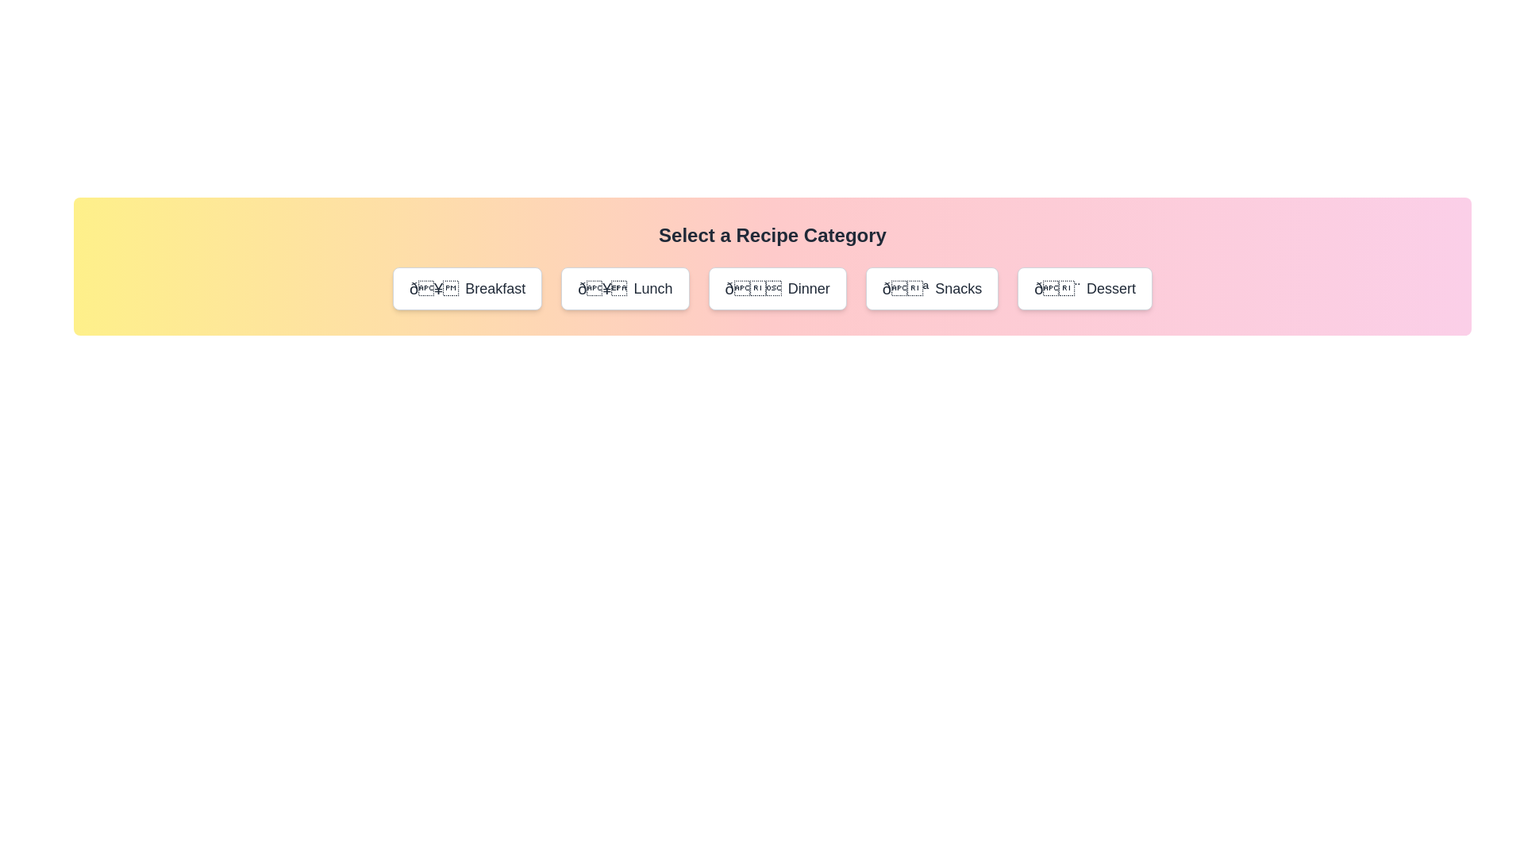  I want to click on the button corresponding to the category Breakfast, so click(467, 288).